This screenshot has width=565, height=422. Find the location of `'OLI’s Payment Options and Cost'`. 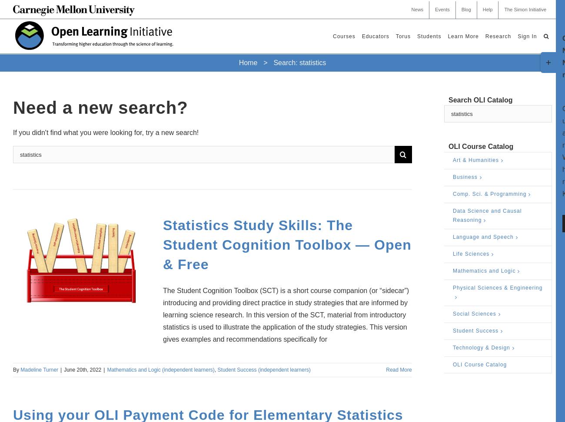

'OLI’s Payment Options and Cost' is located at coordinates (405, 103).